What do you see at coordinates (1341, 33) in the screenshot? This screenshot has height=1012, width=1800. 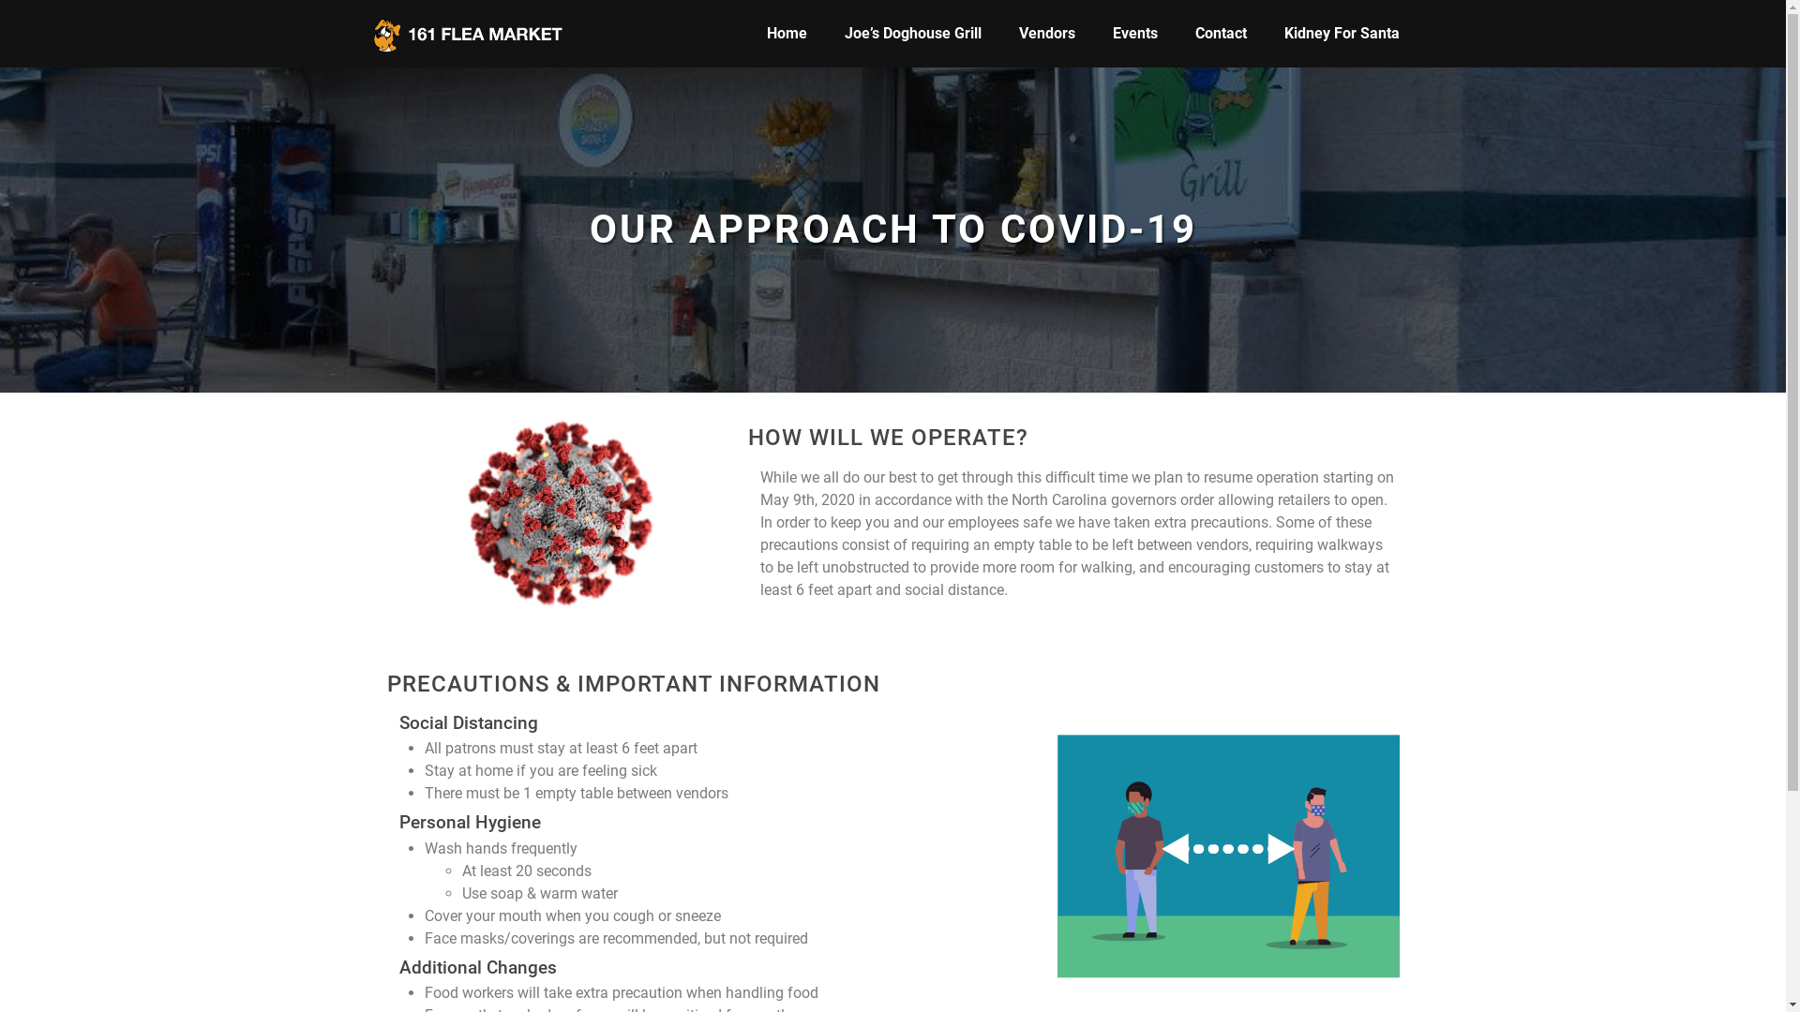 I see `'Kidney For Santa'` at bounding box center [1341, 33].